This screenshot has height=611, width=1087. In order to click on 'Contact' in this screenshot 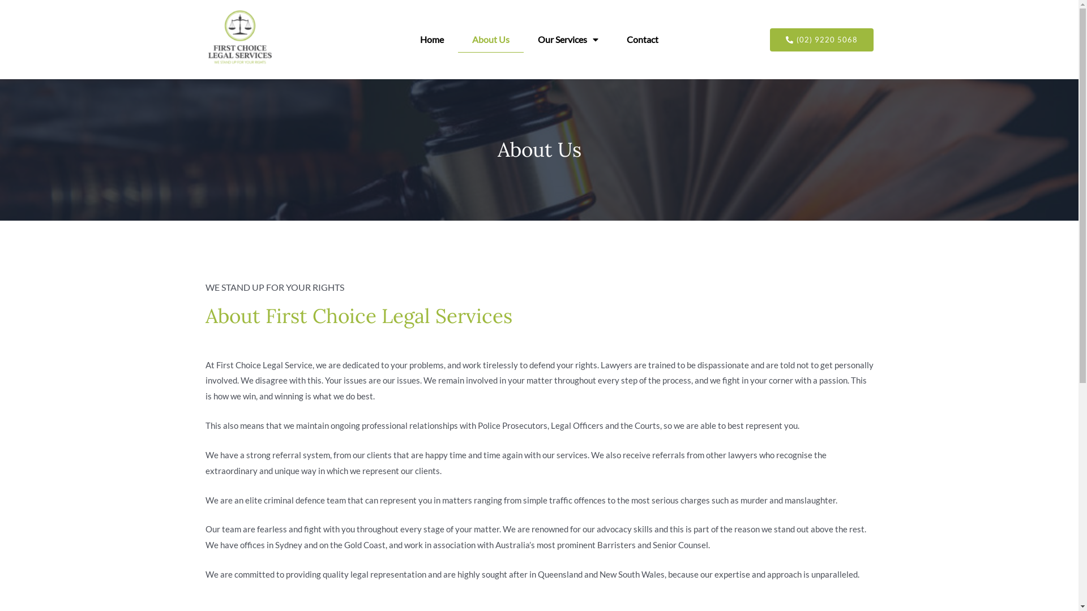, I will do `click(642, 38)`.